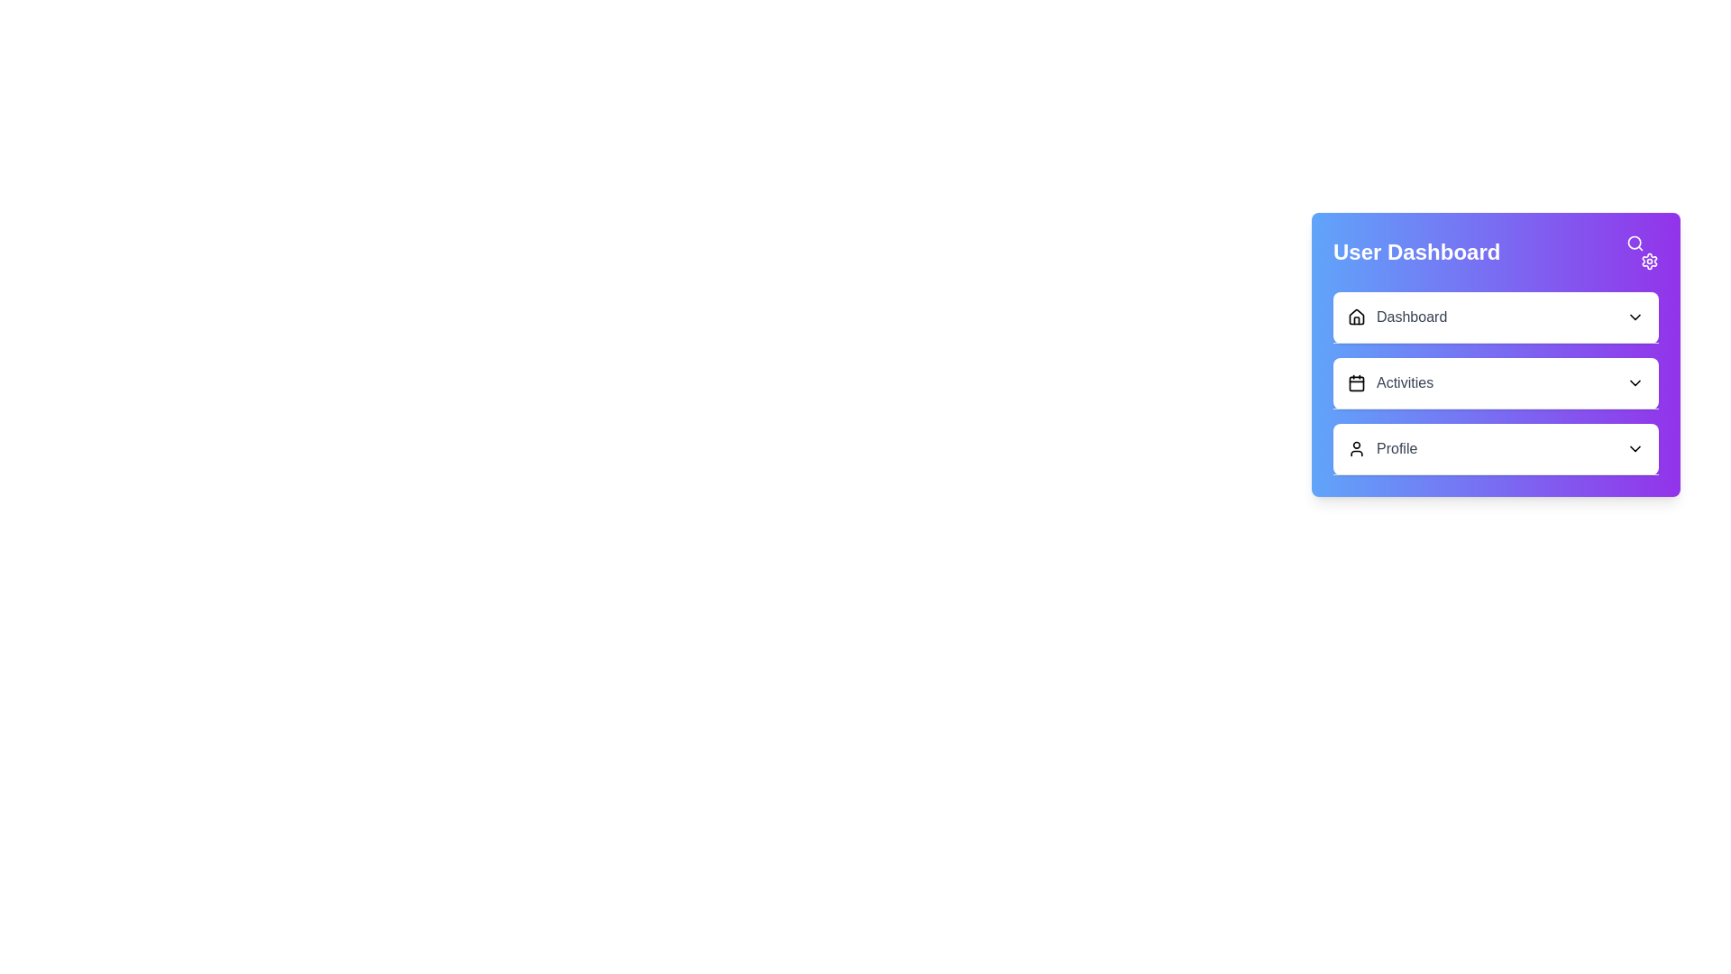 The width and height of the screenshot is (1731, 974). What do you see at coordinates (1404, 381) in the screenshot?
I see `the Text Label in the User Dashboard navigation menu that indicates user activities` at bounding box center [1404, 381].